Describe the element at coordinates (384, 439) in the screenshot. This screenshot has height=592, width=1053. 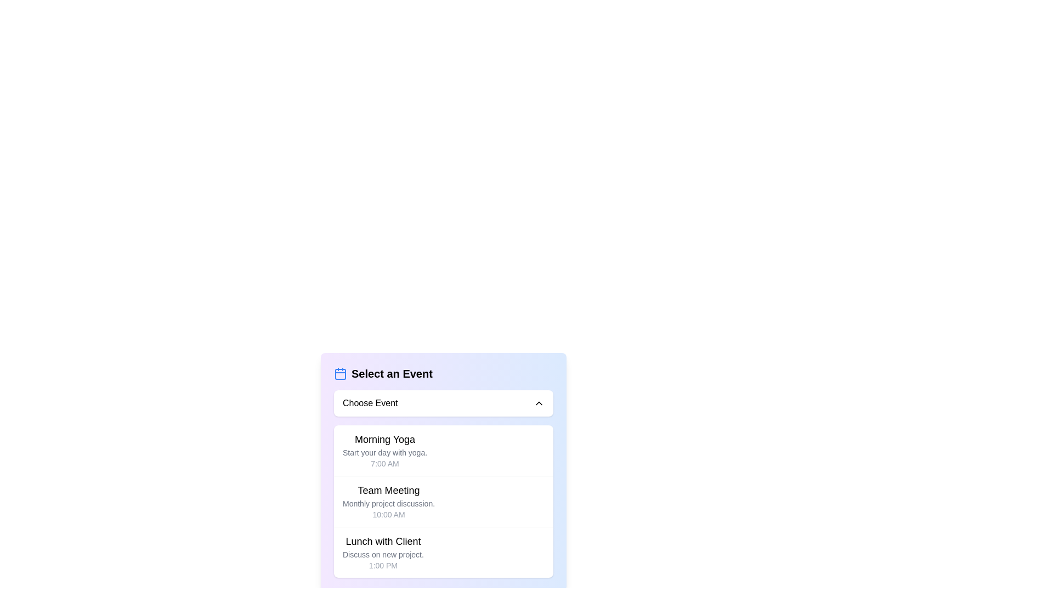
I see `the text label that serves as the title of the event option, which is the first item in the list above 'Start your day with yoga.' and '7:00 AM'` at that location.